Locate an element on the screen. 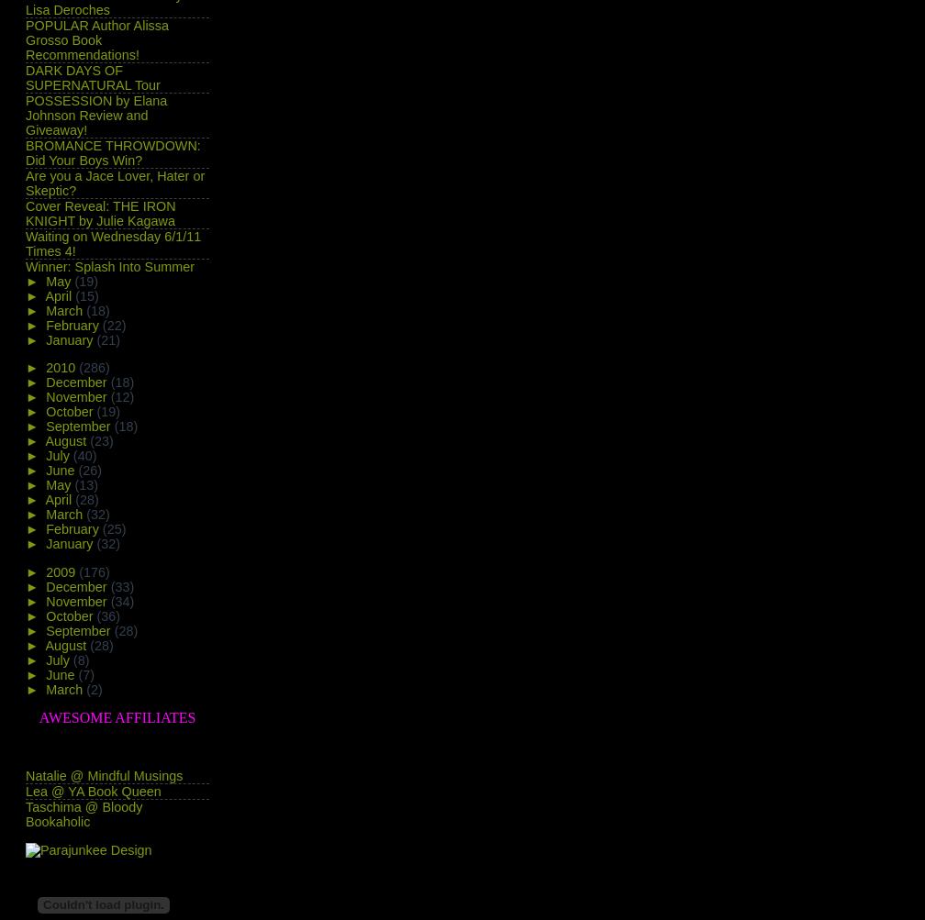 The image size is (925, 920). 'Natalie @ Mindful Musings' is located at coordinates (104, 776).